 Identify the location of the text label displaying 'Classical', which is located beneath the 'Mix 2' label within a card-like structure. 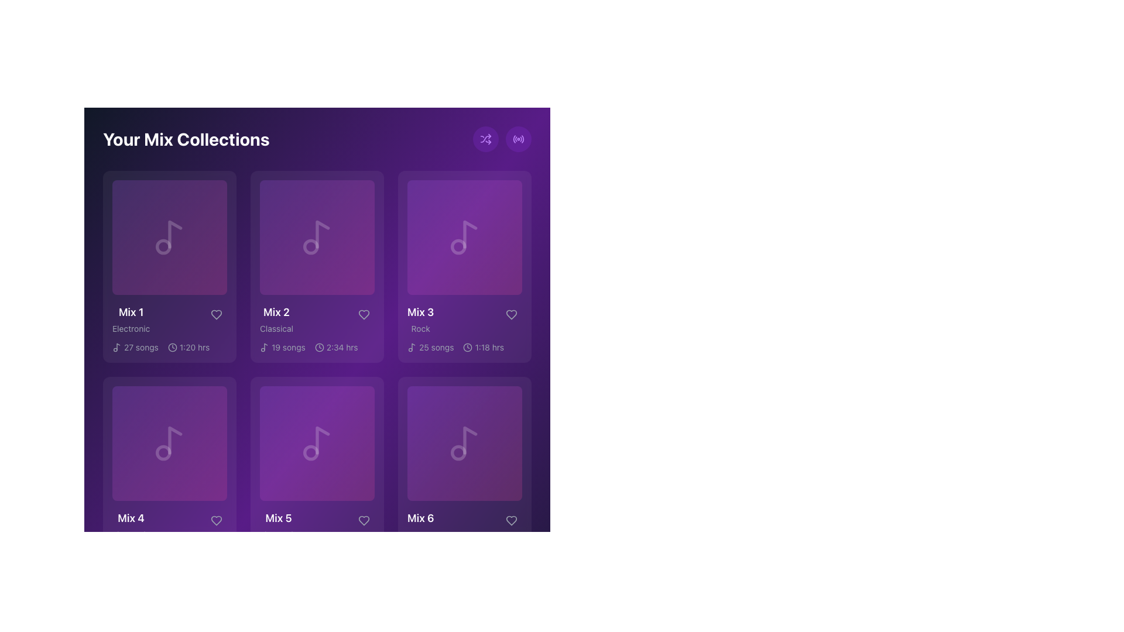
(276, 329).